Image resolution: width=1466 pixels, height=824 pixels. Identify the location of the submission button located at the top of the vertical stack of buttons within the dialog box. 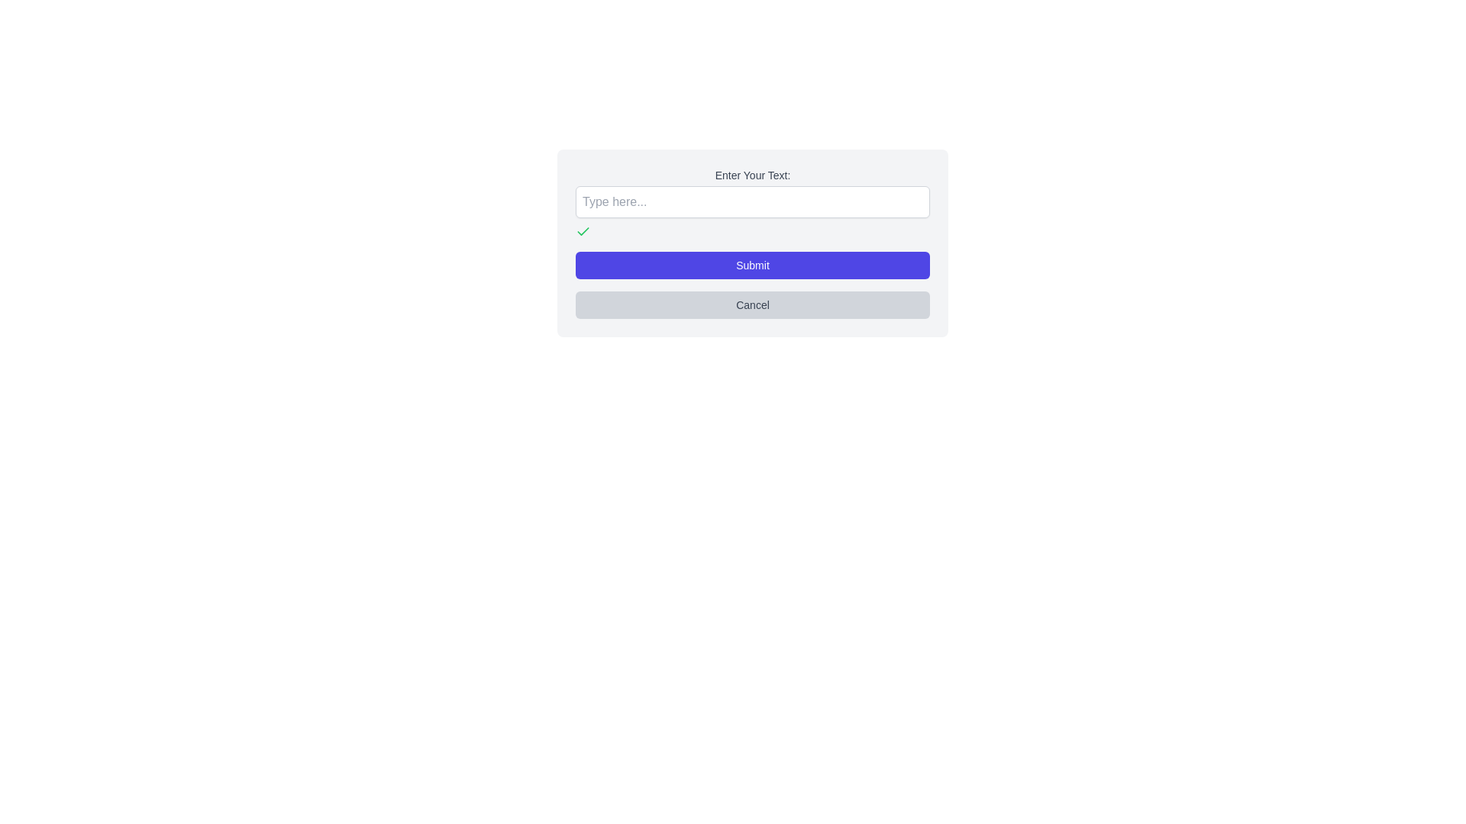
(752, 264).